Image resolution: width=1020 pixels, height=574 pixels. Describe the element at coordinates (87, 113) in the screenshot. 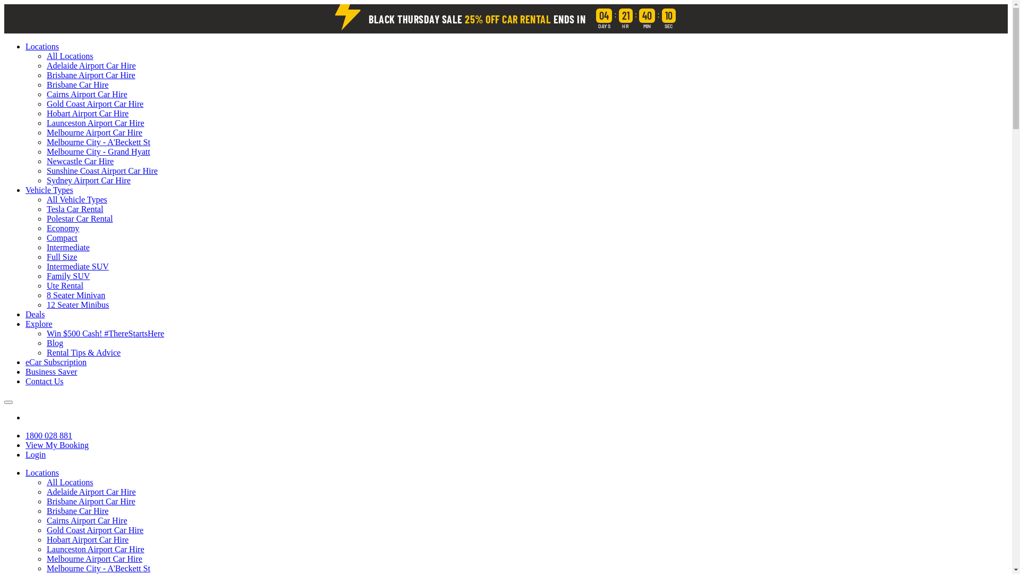

I see `'Hobart Airport Car Hire'` at that location.